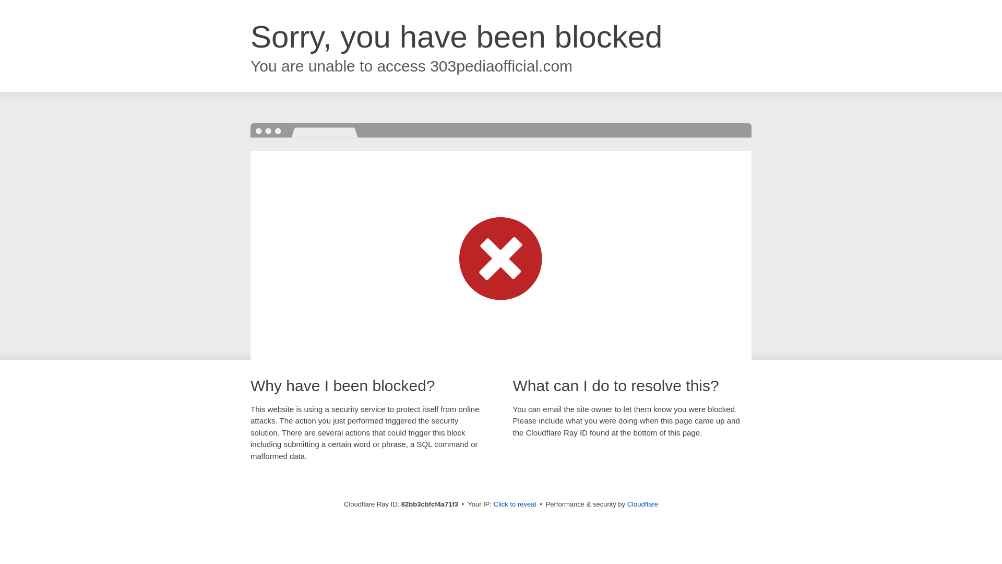 The width and height of the screenshot is (1002, 564). I want to click on 'Click to reveal', so click(515, 503).